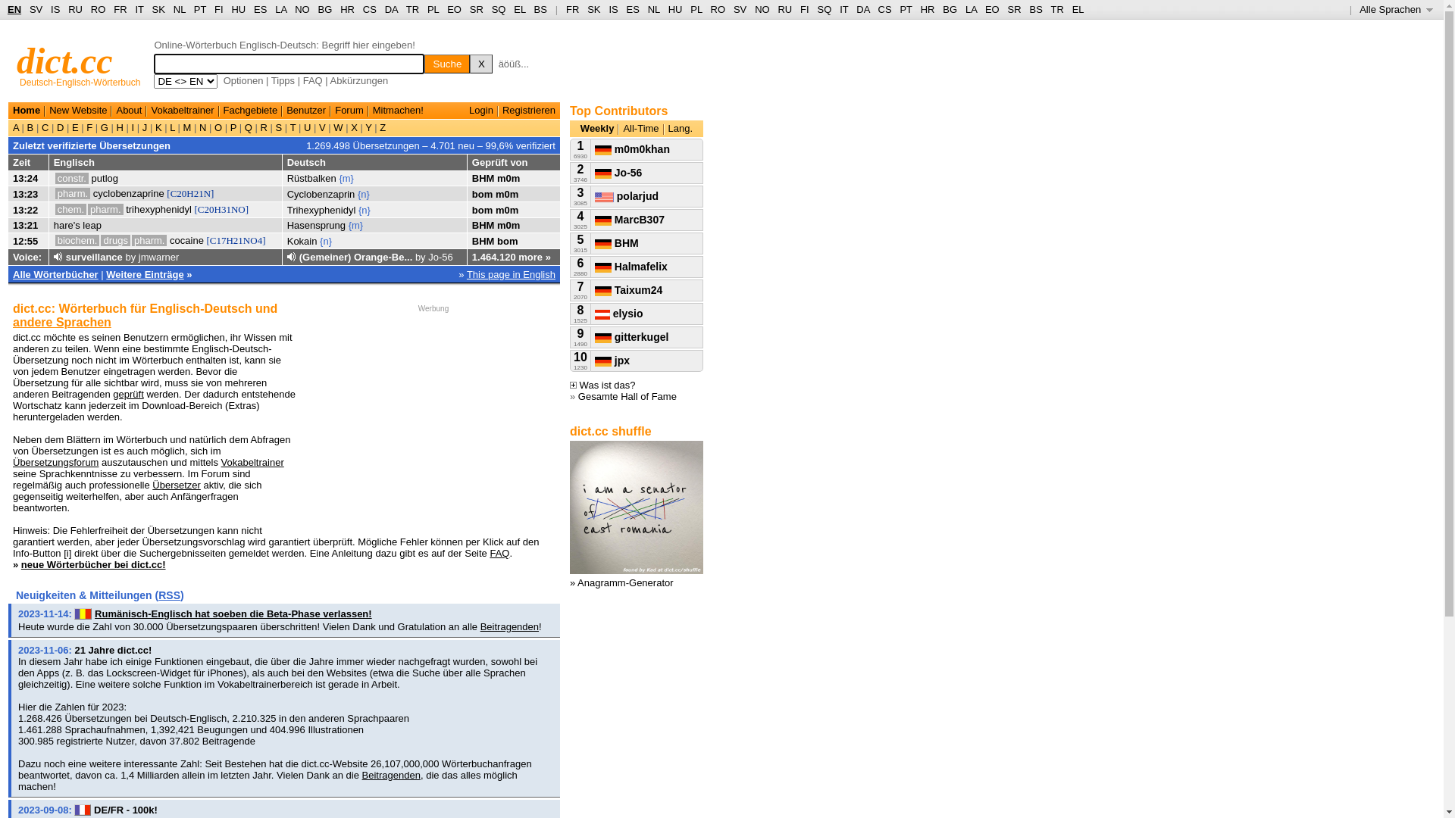 This screenshot has height=818, width=1455. I want to click on 'F', so click(89, 126).